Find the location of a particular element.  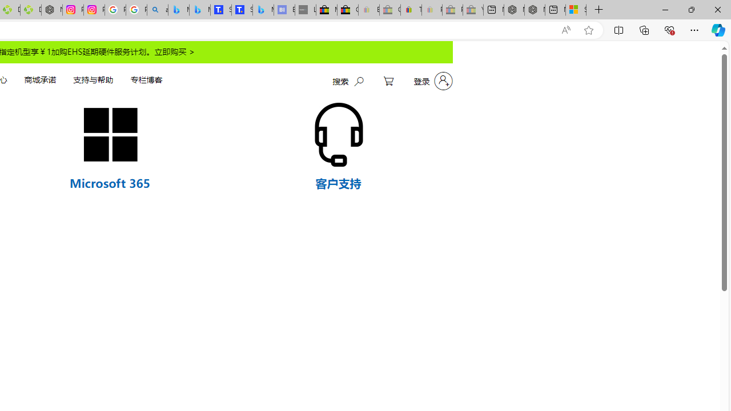

'Payments Terms of Use | eBay.com - Sleeping' is located at coordinates (431, 10).